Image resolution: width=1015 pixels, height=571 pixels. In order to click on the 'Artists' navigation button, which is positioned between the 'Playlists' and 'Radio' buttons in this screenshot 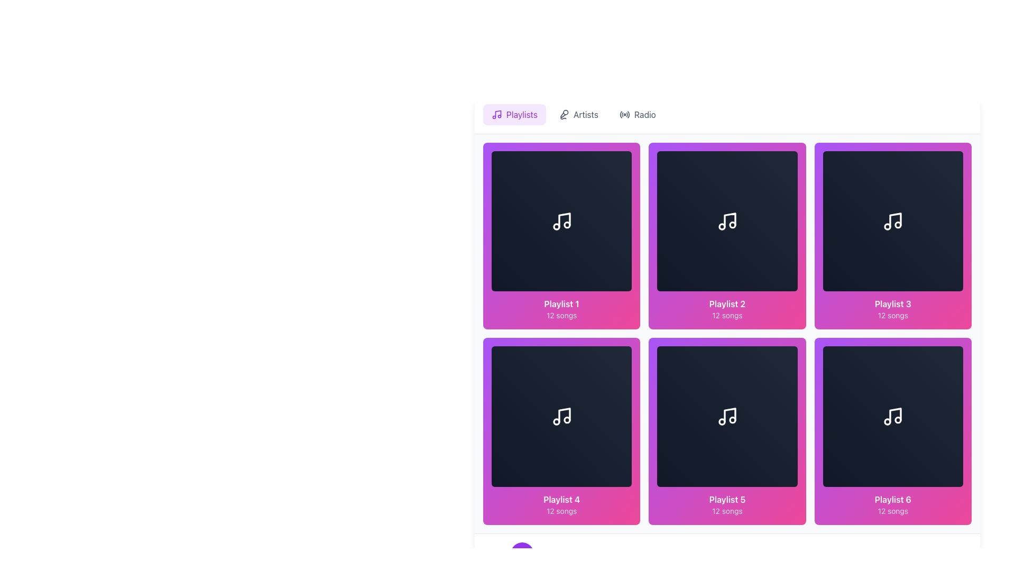, I will do `click(578, 114)`.